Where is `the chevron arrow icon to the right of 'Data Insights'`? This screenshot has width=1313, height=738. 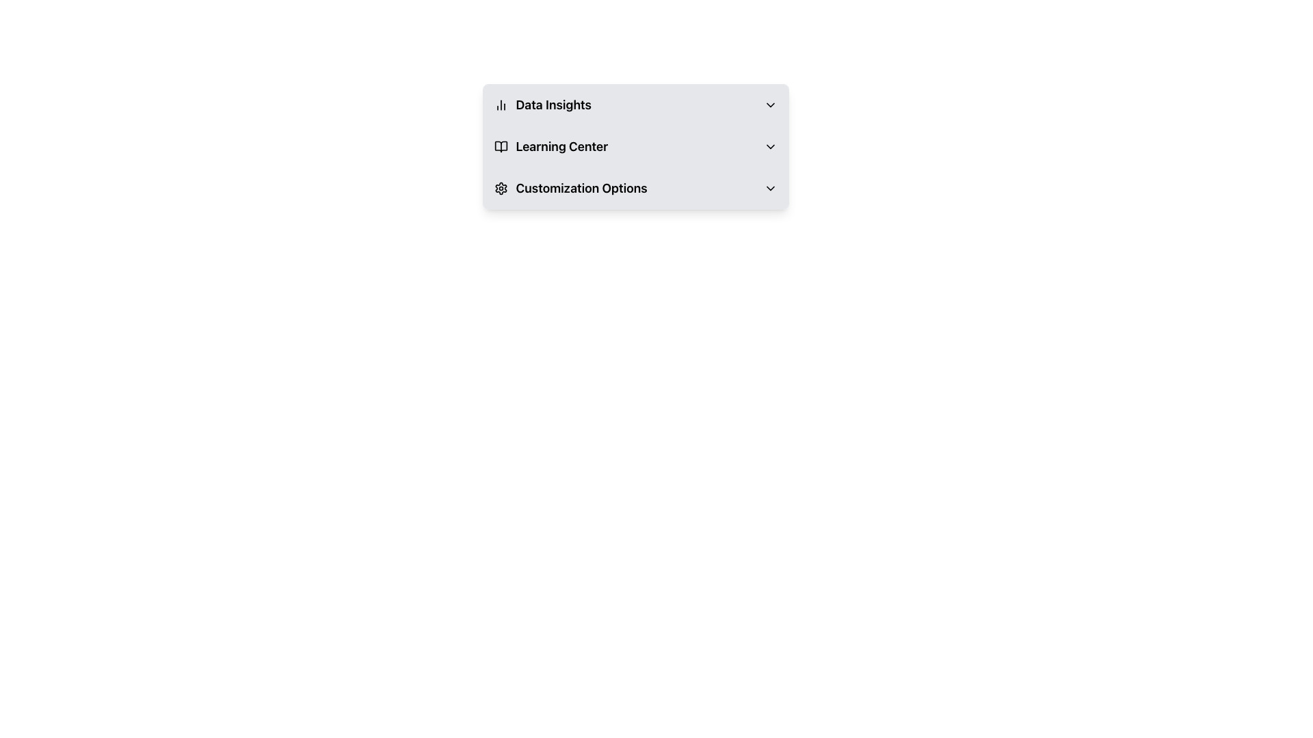 the chevron arrow icon to the right of 'Data Insights' is located at coordinates (770, 105).